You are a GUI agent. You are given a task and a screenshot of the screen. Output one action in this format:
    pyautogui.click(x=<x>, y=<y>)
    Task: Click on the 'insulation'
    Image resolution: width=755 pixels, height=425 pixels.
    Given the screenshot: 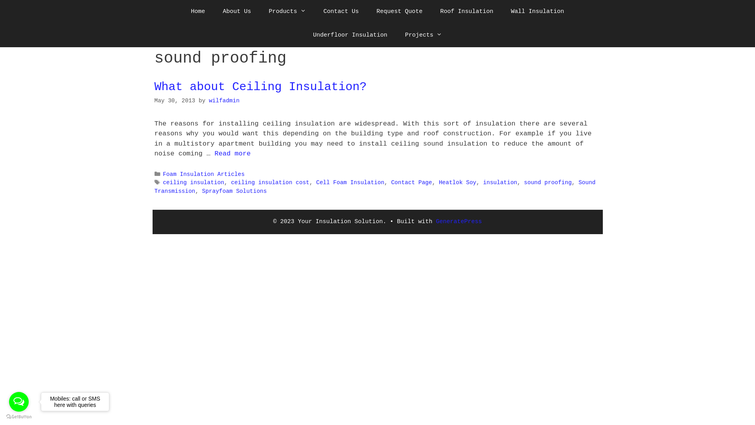 What is the action you would take?
    pyautogui.click(x=482, y=182)
    